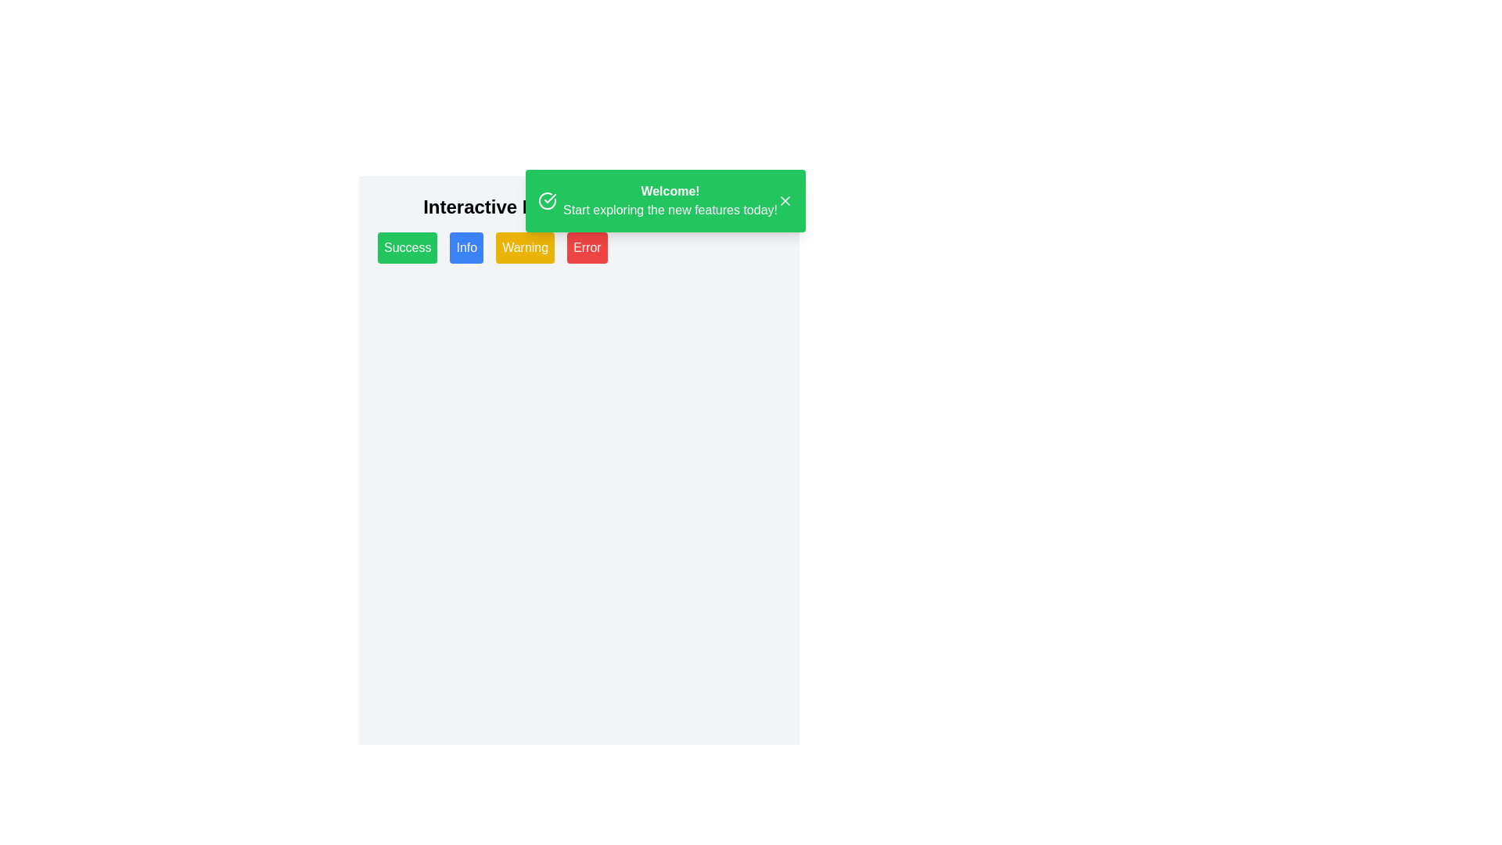 This screenshot has width=1502, height=845. Describe the element at coordinates (670, 210) in the screenshot. I see `the text display that reads 'Start exploring the new features today!' which is positioned below the 'Welcome!' text in a green notification box` at that location.